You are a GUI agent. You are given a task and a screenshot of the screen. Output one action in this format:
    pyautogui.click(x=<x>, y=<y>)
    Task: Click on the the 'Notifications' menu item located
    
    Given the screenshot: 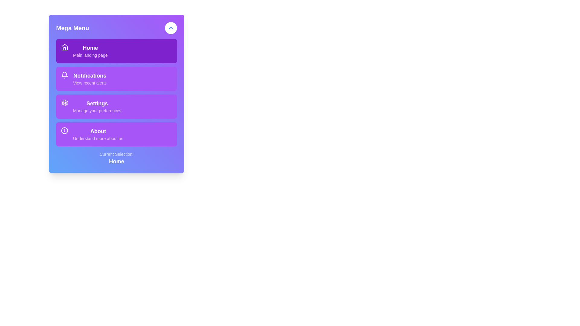 What is the action you would take?
    pyautogui.click(x=116, y=93)
    